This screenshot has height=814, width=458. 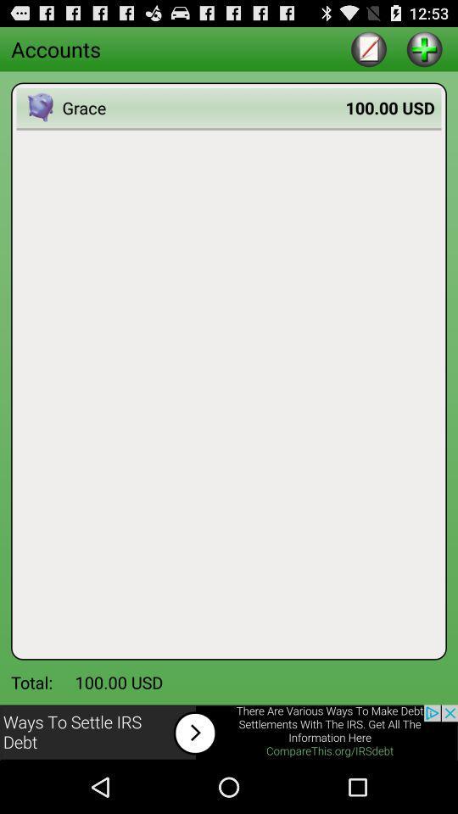 What do you see at coordinates (368, 47) in the screenshot?
I see `edit text` at bounding box center [368, 47].